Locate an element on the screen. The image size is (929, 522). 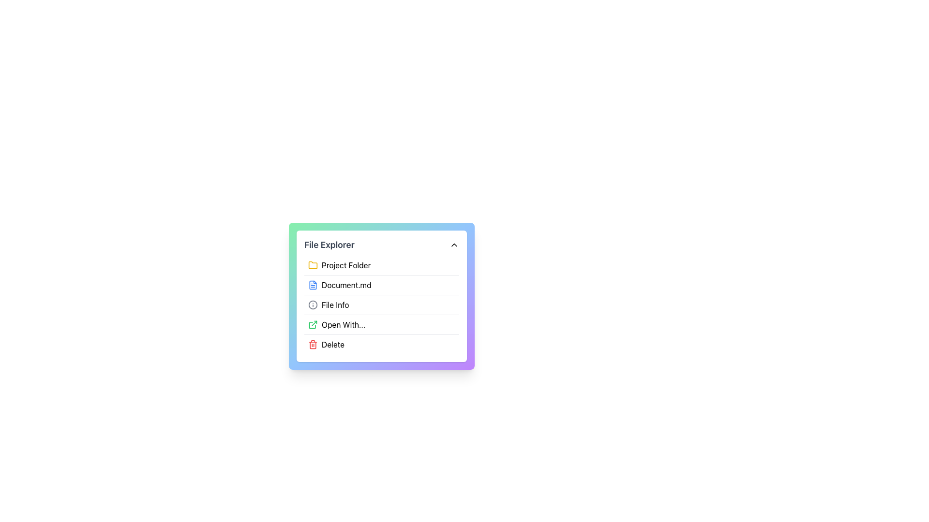
the trash bin icon within the delete option icon located at the bottom of the context menu is located at coordinates (313, 344).